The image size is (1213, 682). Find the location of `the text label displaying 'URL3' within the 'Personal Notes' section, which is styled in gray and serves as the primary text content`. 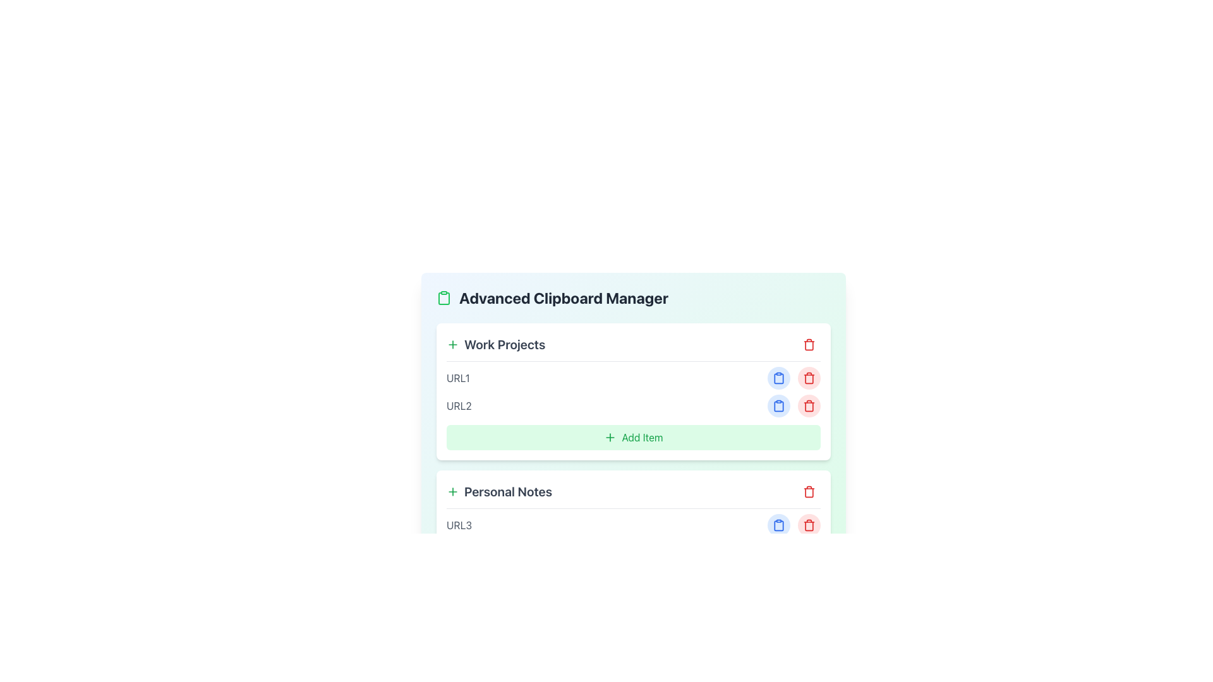

the text label displaying 'URL3' within the 'Personal Notes' section, which is styled in gray and serves as the primary text content is located at coordinates (459, 525).